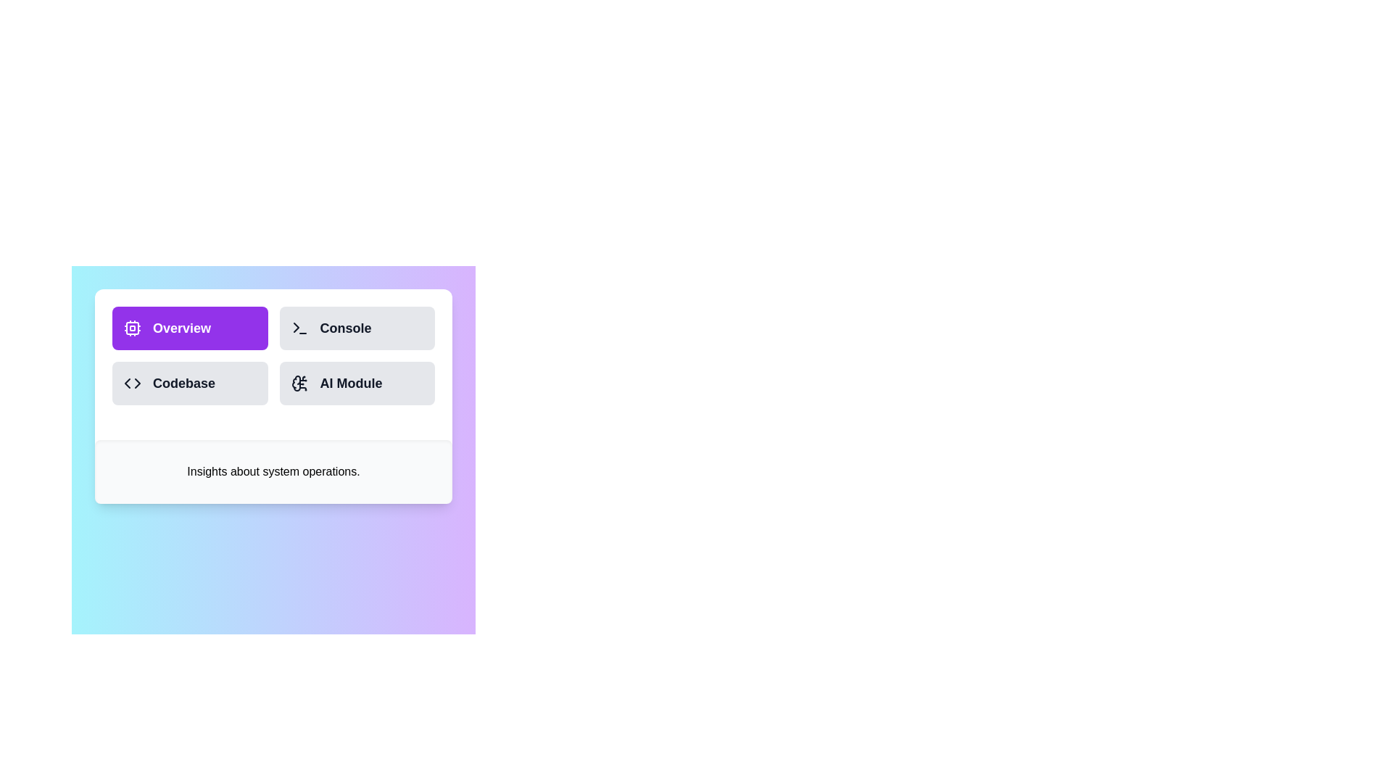 The image size is (1392, 783). I want to click on the menu option labeled 'AI Module' to view its content, so click(357, 382).